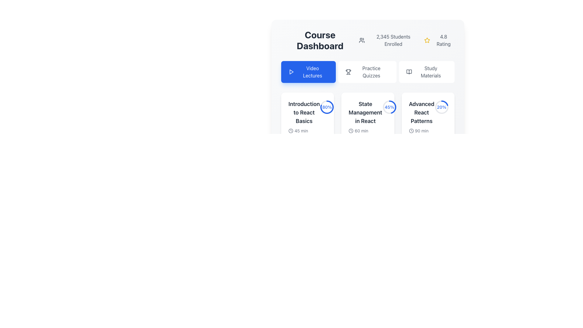 The width and height of the screenshot is (583, 328). What do you see at coordinates (362, 40) in the screenshot?
I see `the user group icon located immediately to the left of the text '2,345 Students Enrolled' in the top-right section of the interface` at bounding box center [362, 40].